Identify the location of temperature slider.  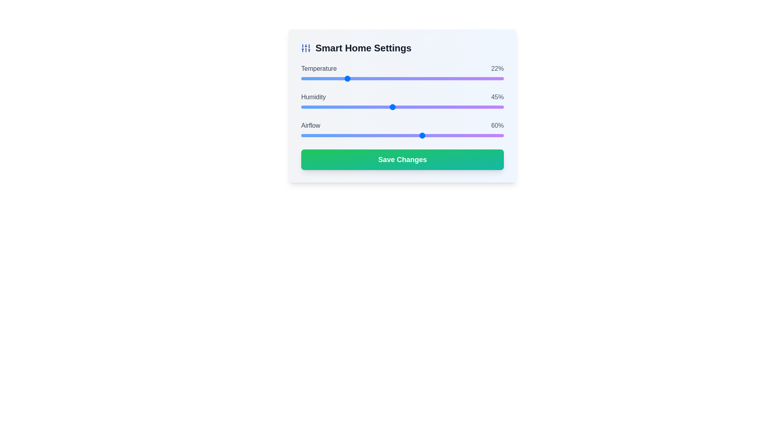
(378, 79).